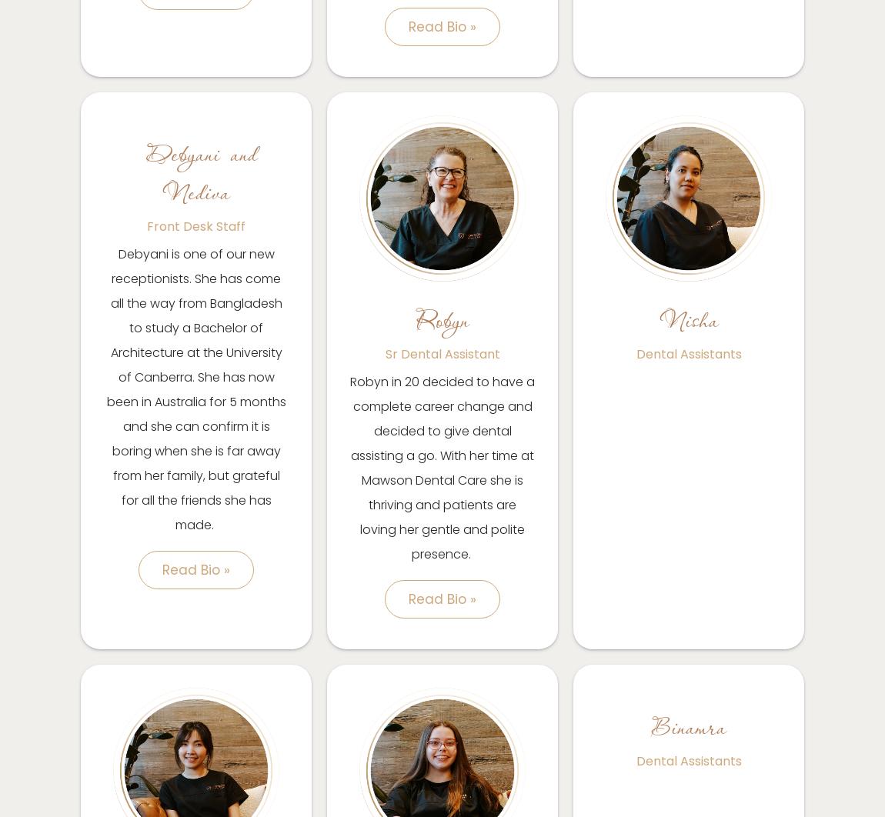  I want to click on 'Robyn in 20 decided to have a complete career change and decided to give dental assisting a go. With her time at Mawson Dental Care she is thriving and patients are loving her gentle and polite presence.', so click(442, 468).